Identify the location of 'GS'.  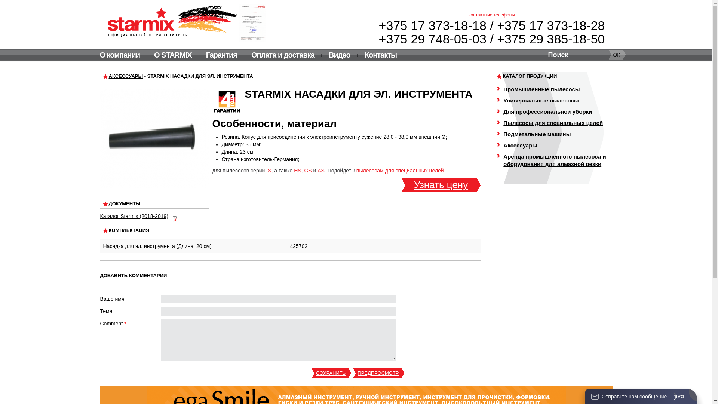
(307, 170).